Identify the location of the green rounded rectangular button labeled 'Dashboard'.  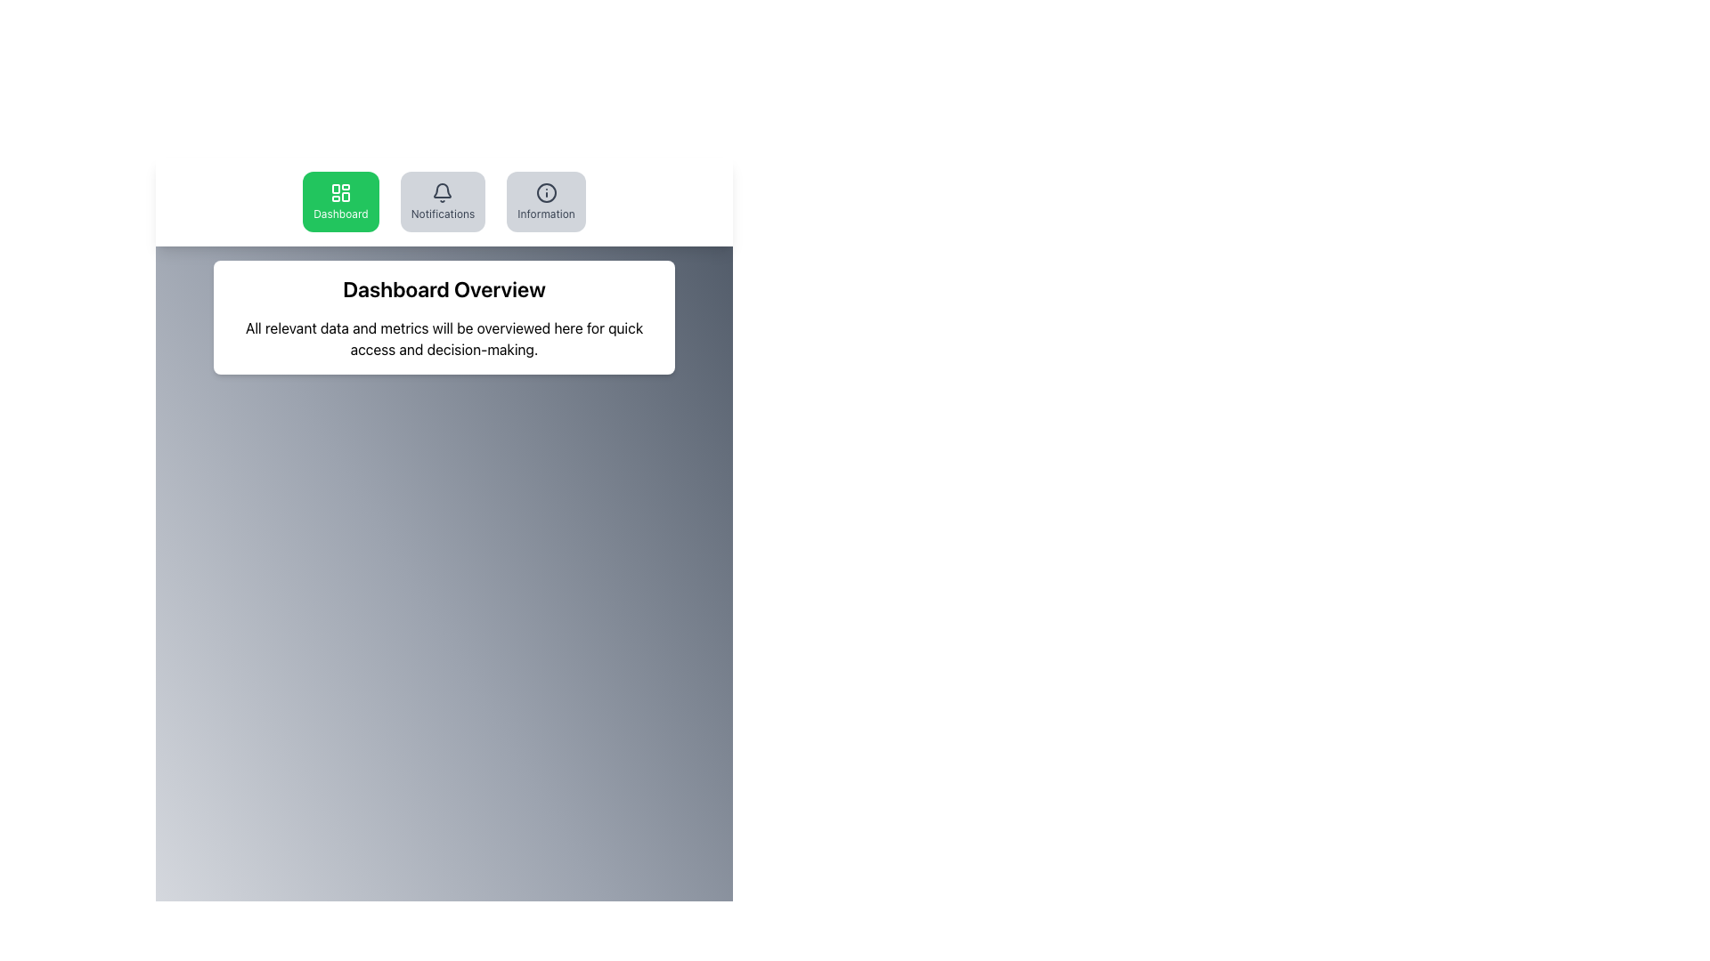
(340, 201).